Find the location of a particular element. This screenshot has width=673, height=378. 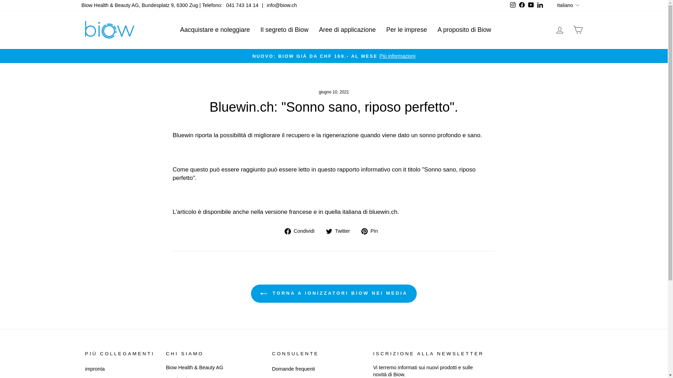

'TORNA A IONIZZATORI BIOW NEI MEDIA' is located at coordinates (333, 294).